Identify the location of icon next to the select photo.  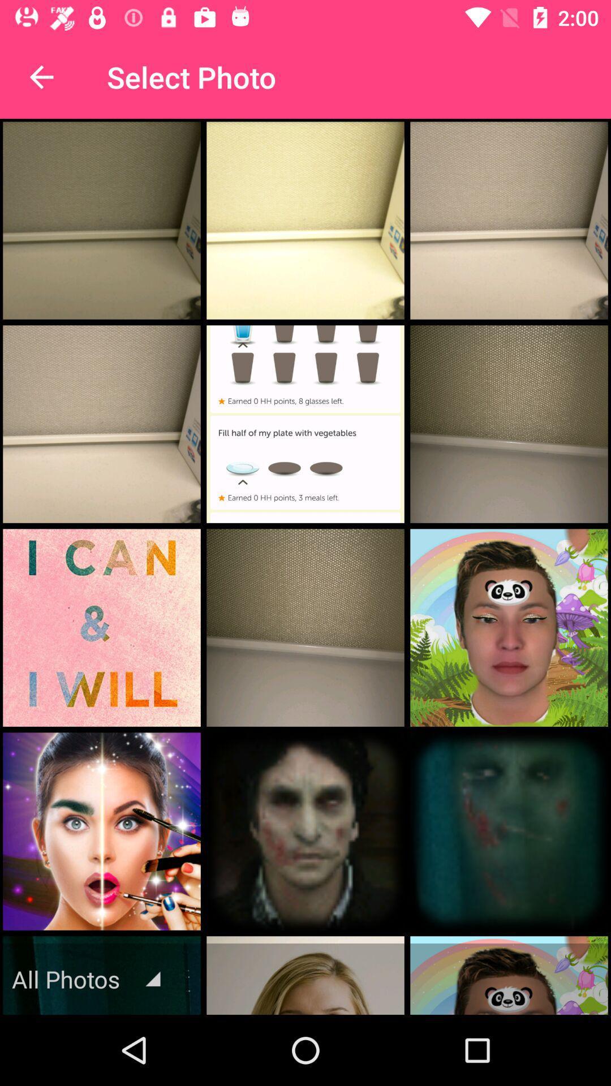
(41, 76).